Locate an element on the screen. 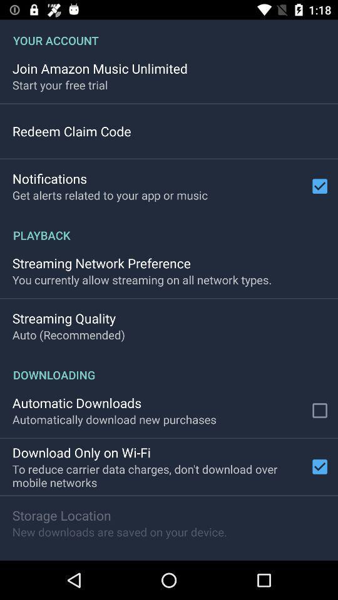  the app above storage location item is located at coordinates (158, 475).